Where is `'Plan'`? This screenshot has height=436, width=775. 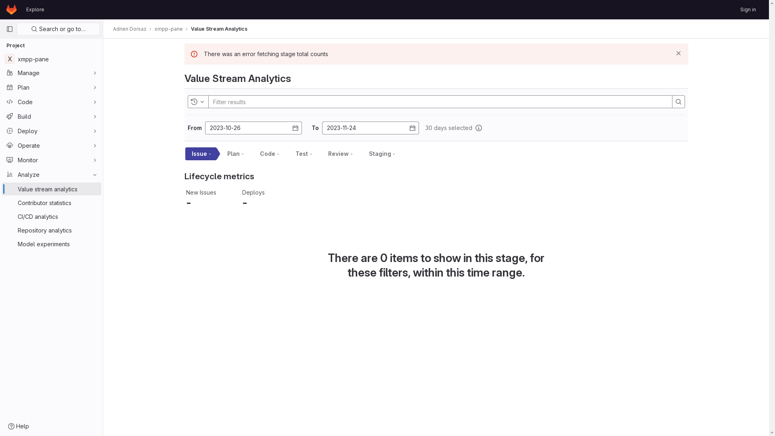
'Plan' is located at coordinates (51, 87).